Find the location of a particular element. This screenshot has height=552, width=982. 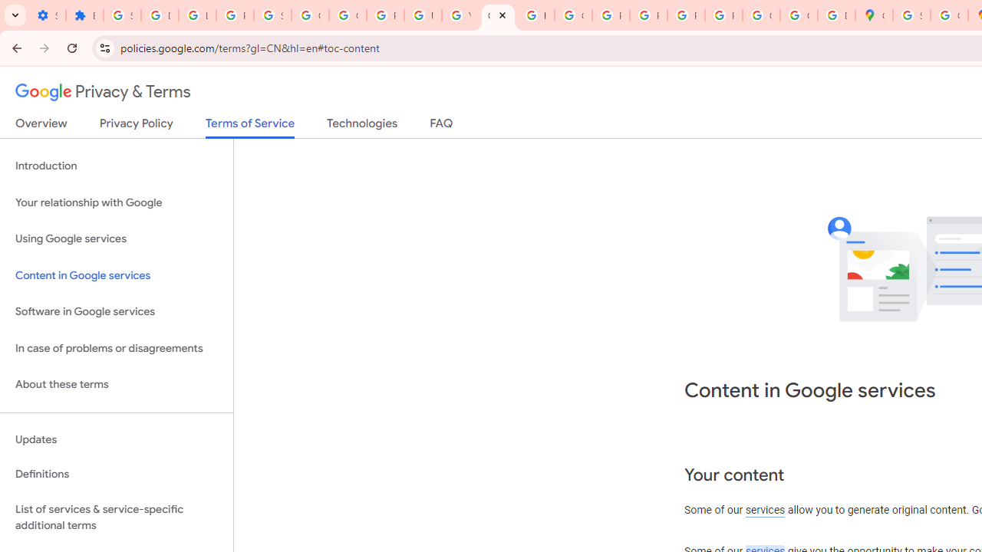

'Extensions' is located at coordinates (84, 15).